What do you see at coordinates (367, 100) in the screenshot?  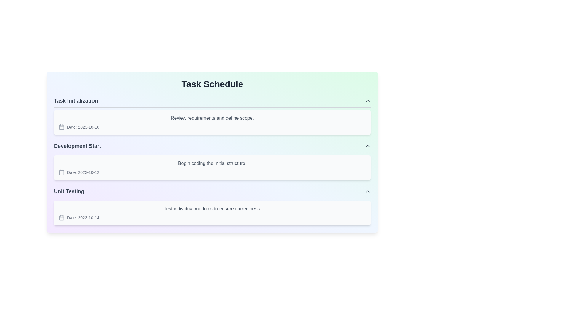 I see `the button with an upward chevron design located at the far-right side of the 'Task Initialization' section` at bounding box center [367, 100].